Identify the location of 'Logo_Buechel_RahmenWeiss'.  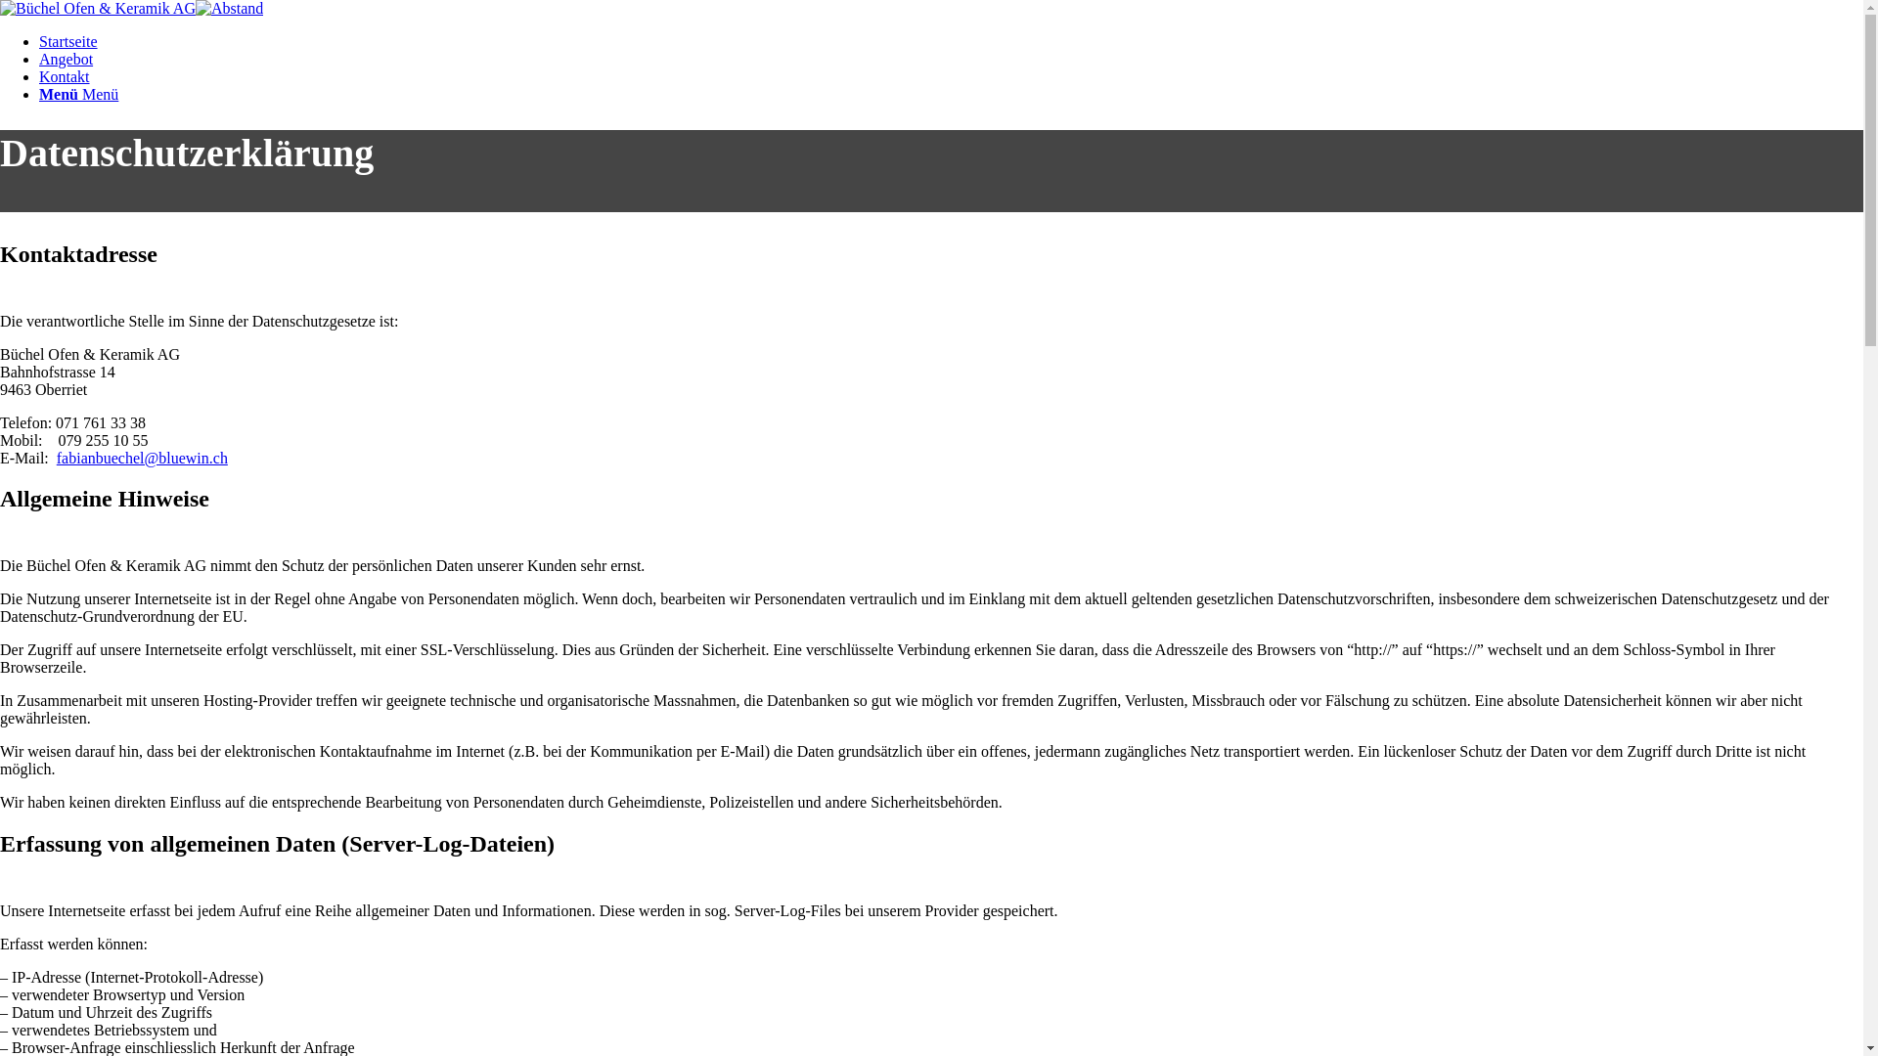
(130, 8).